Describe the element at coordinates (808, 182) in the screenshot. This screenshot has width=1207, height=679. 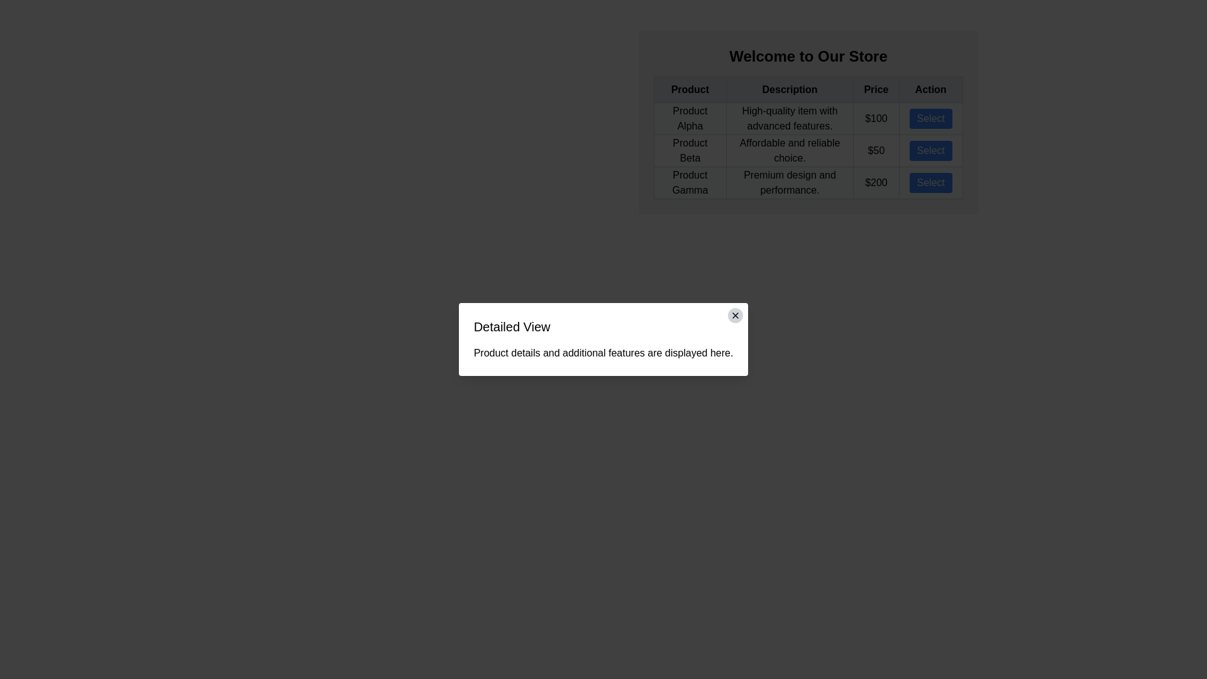
I see `the cell containing 'Product Gamma' in the third row of the table` at that location.